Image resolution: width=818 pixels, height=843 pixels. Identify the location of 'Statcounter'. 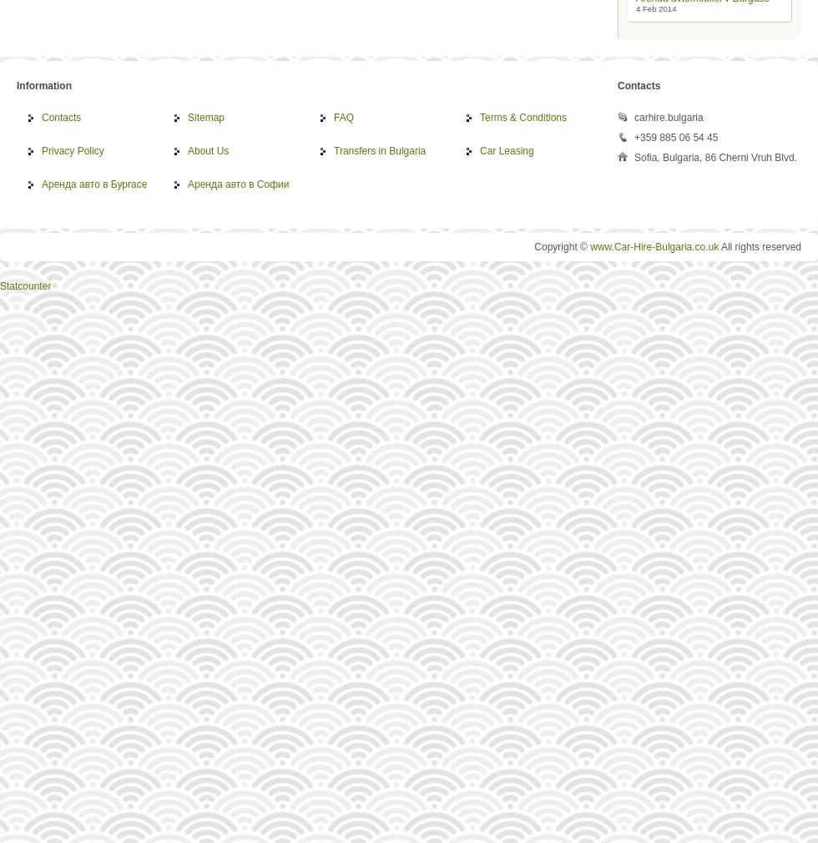
(25, 285).